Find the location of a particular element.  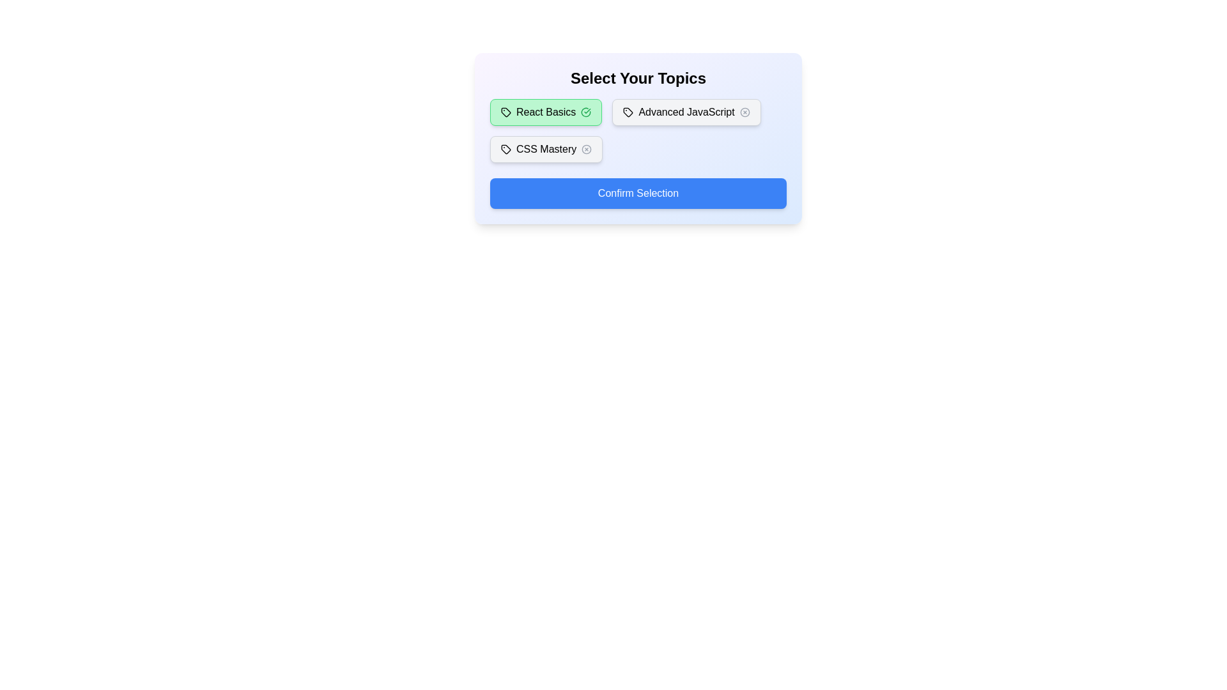

the tag Advanced JavaScript to observe its hover effect is located at coordinates (686, 112).